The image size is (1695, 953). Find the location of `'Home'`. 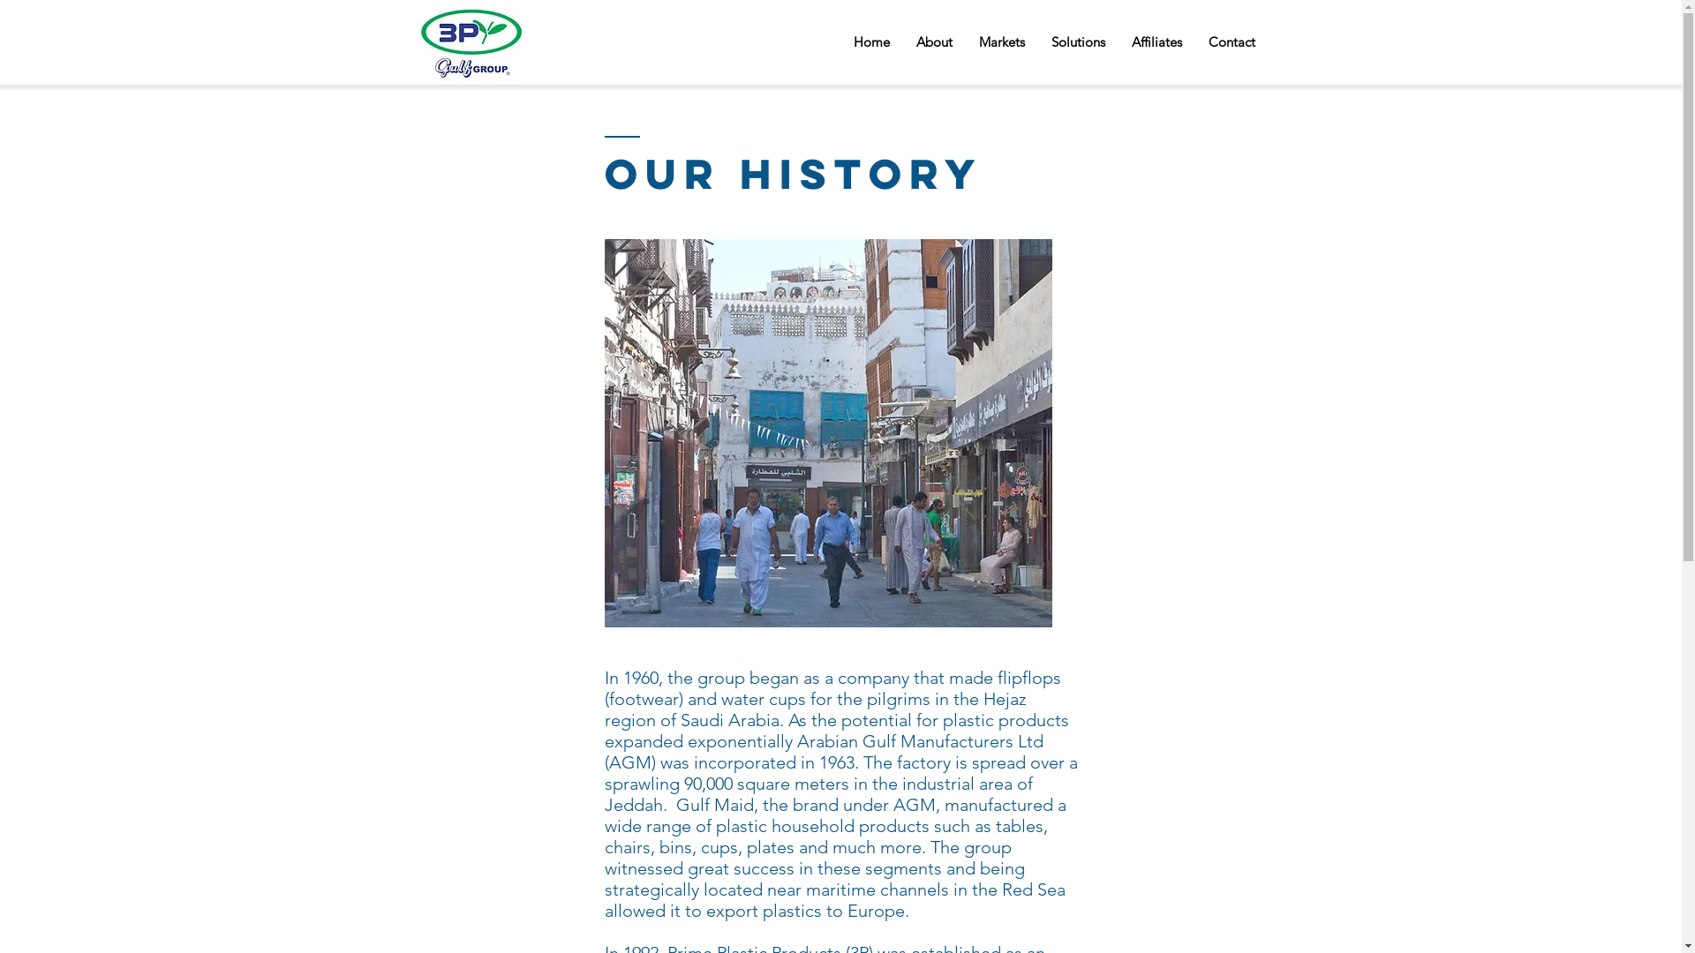

'Home' is located at coordinates (871, 41).